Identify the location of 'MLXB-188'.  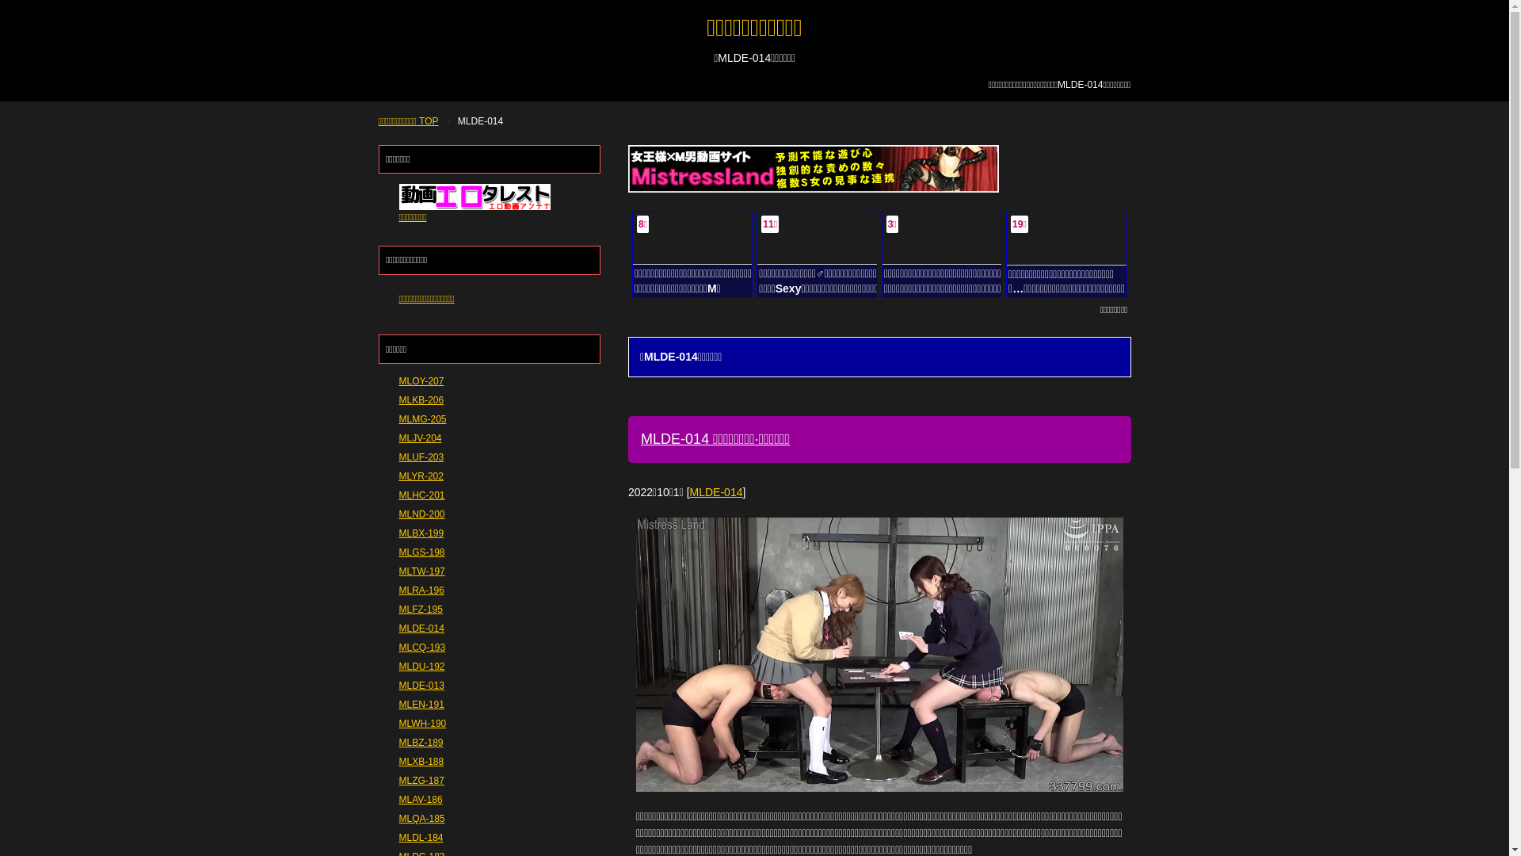
(421, 760).